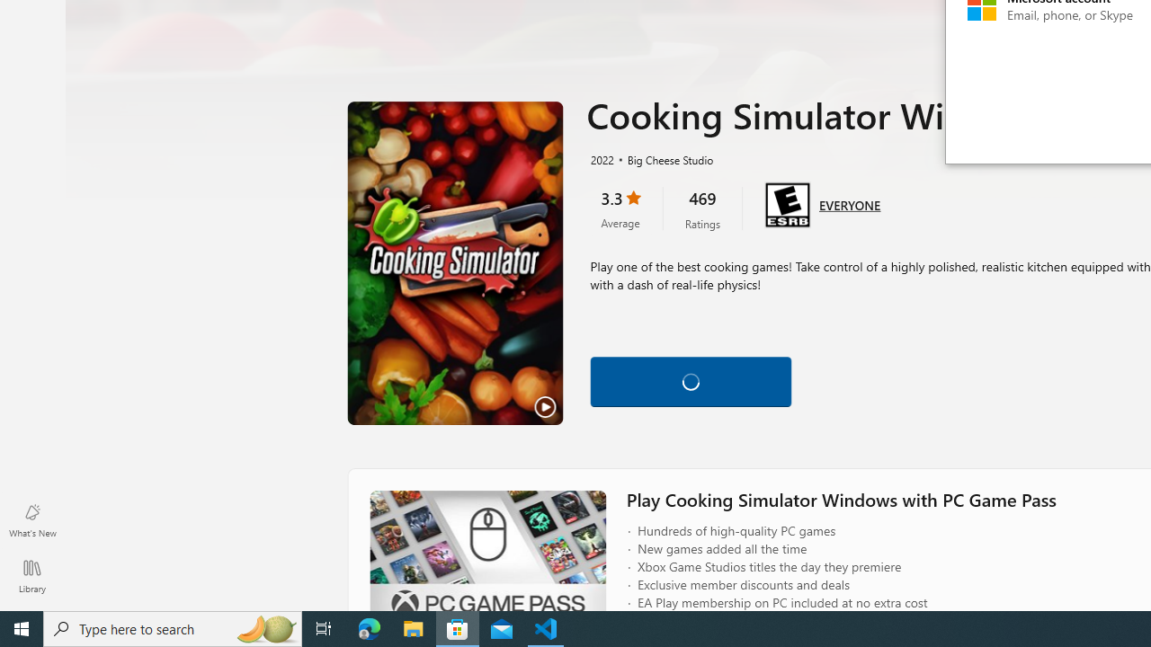  I want to click on 'Big Cheese Studio', so click(662, 158).